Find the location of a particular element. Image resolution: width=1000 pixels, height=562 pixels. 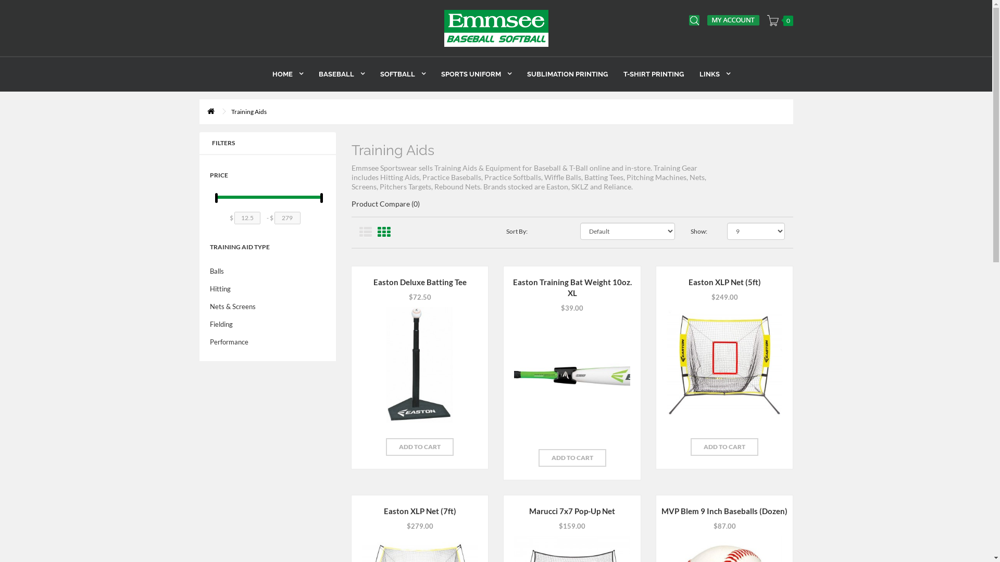

'T-SHIRT PRINTING' is located at coordinates (610, 73).